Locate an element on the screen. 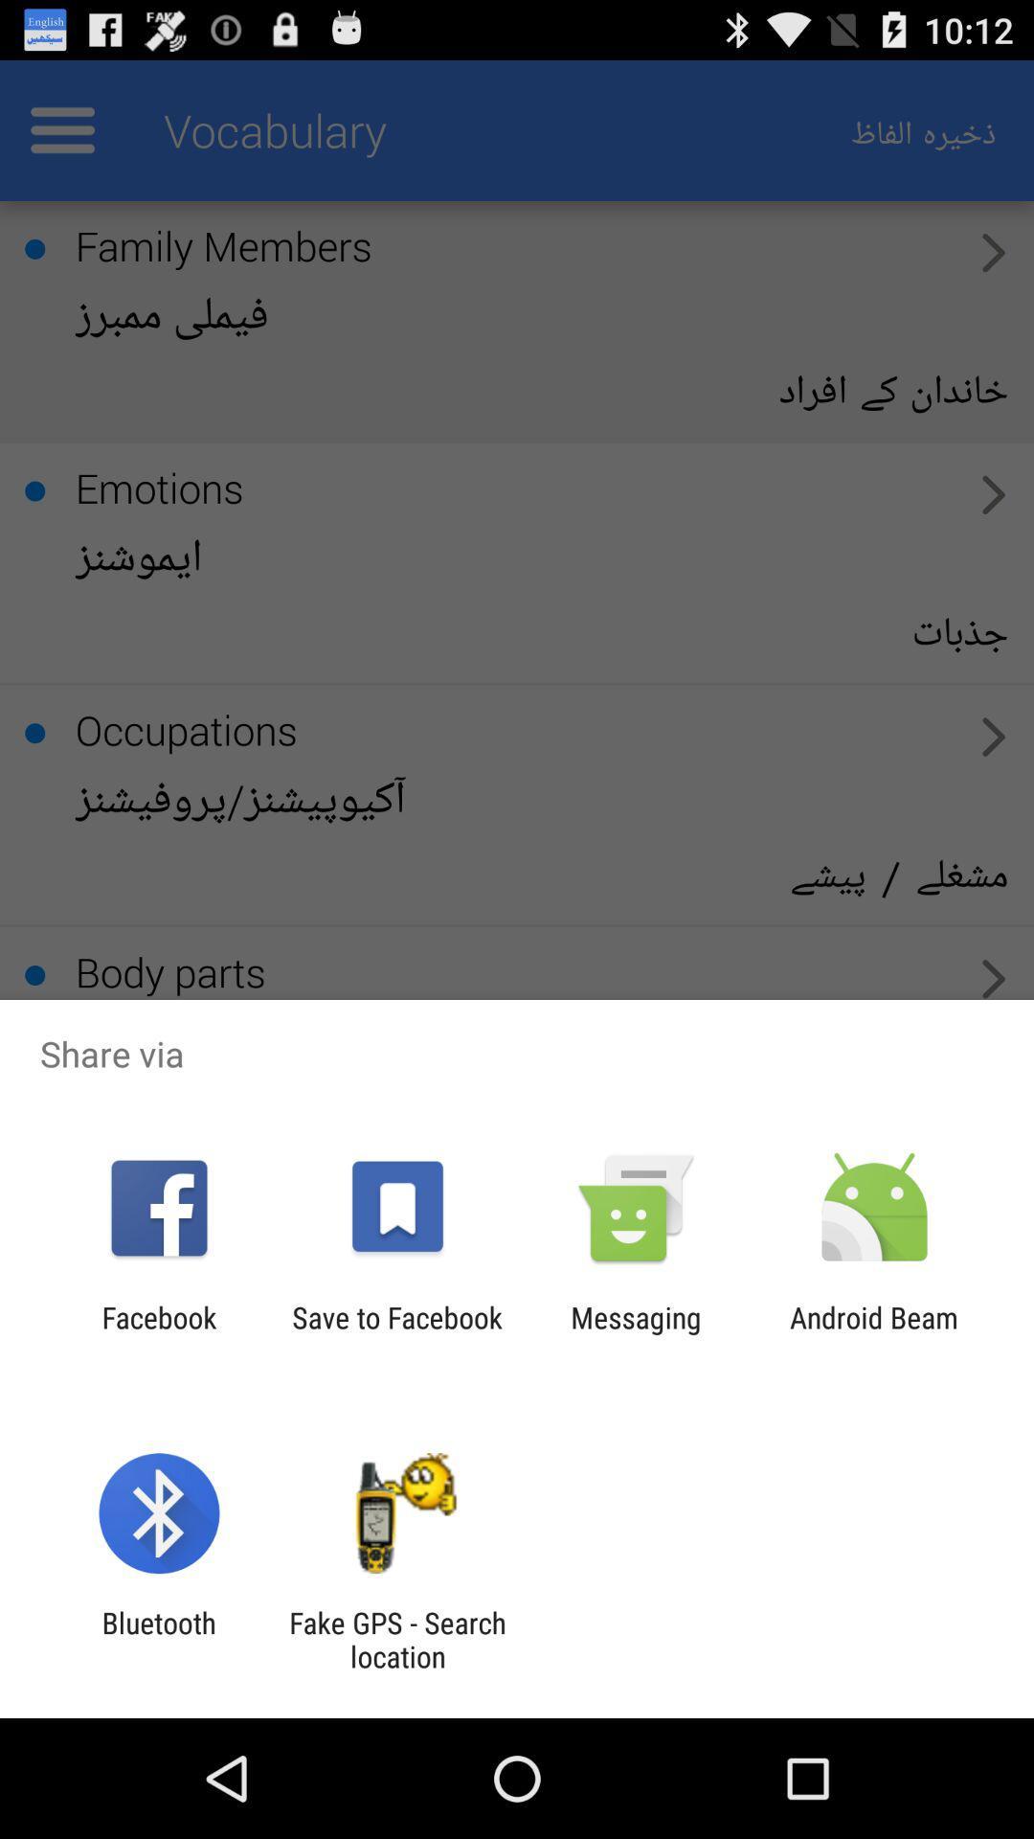 This screenshot has height=1839, width=1034. the item to the left of the messaging icon is located at coordinates (396, 1333).